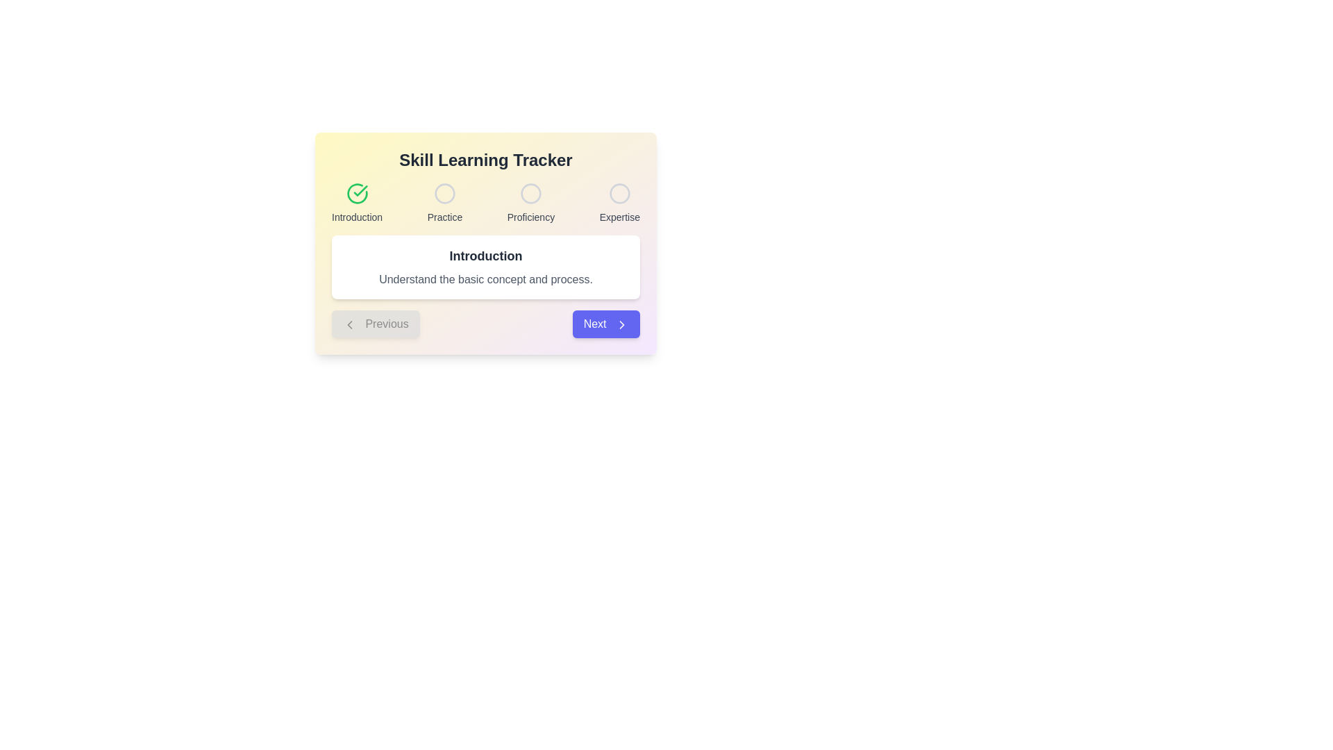  Describe the element at coordinates (530, 203) in the screenshot. I see `'Proficiency' progress indicator in the skill tracker interface for detailed information` at that location.